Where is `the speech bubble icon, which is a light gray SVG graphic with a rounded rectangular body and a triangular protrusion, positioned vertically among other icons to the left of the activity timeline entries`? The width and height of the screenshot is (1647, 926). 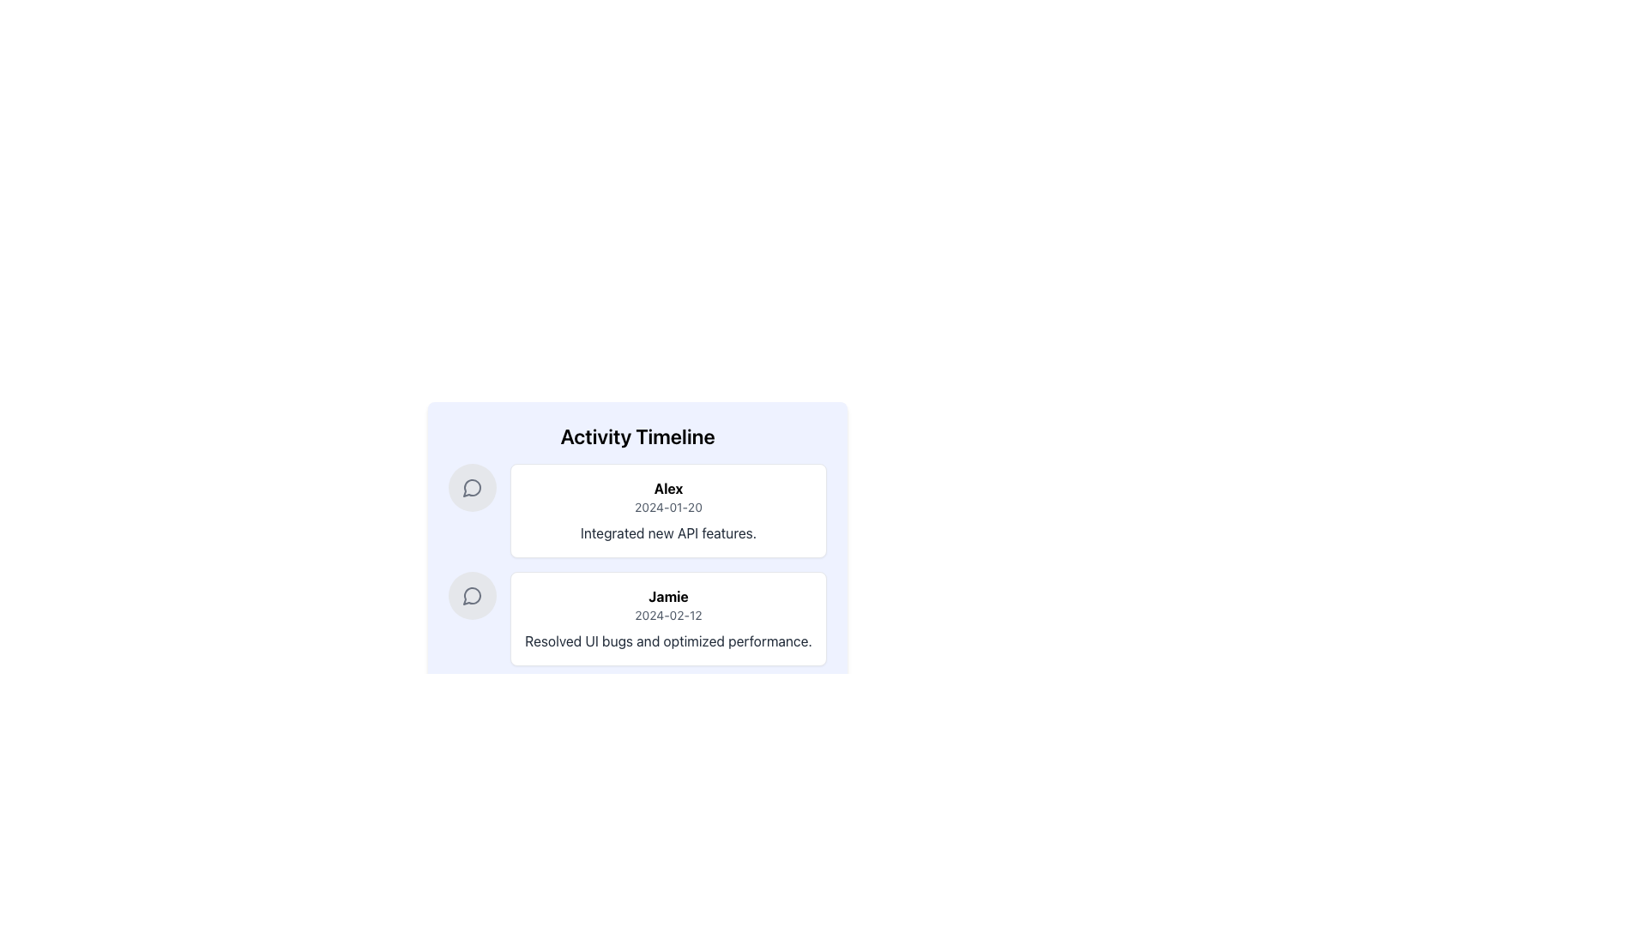
the speech bubble icon, which is a light gray SVG graphic with a rounded rectangular body and a triangular protrusion, positioned vertically among other icons to the left of the activity timeline entries is located at coordinates (472, 595).